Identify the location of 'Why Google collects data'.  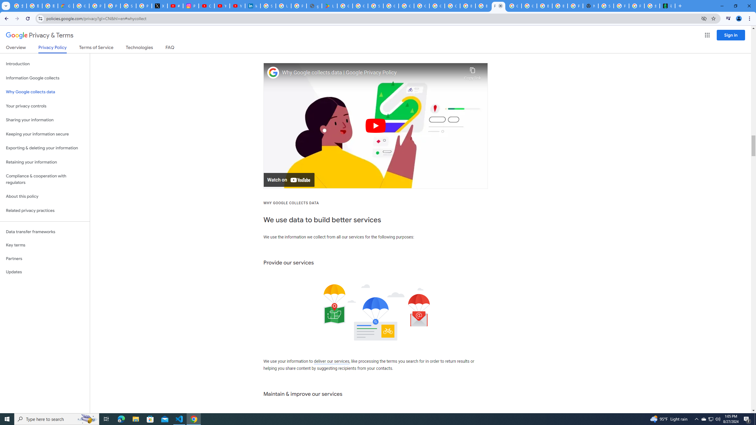
(45, 91).